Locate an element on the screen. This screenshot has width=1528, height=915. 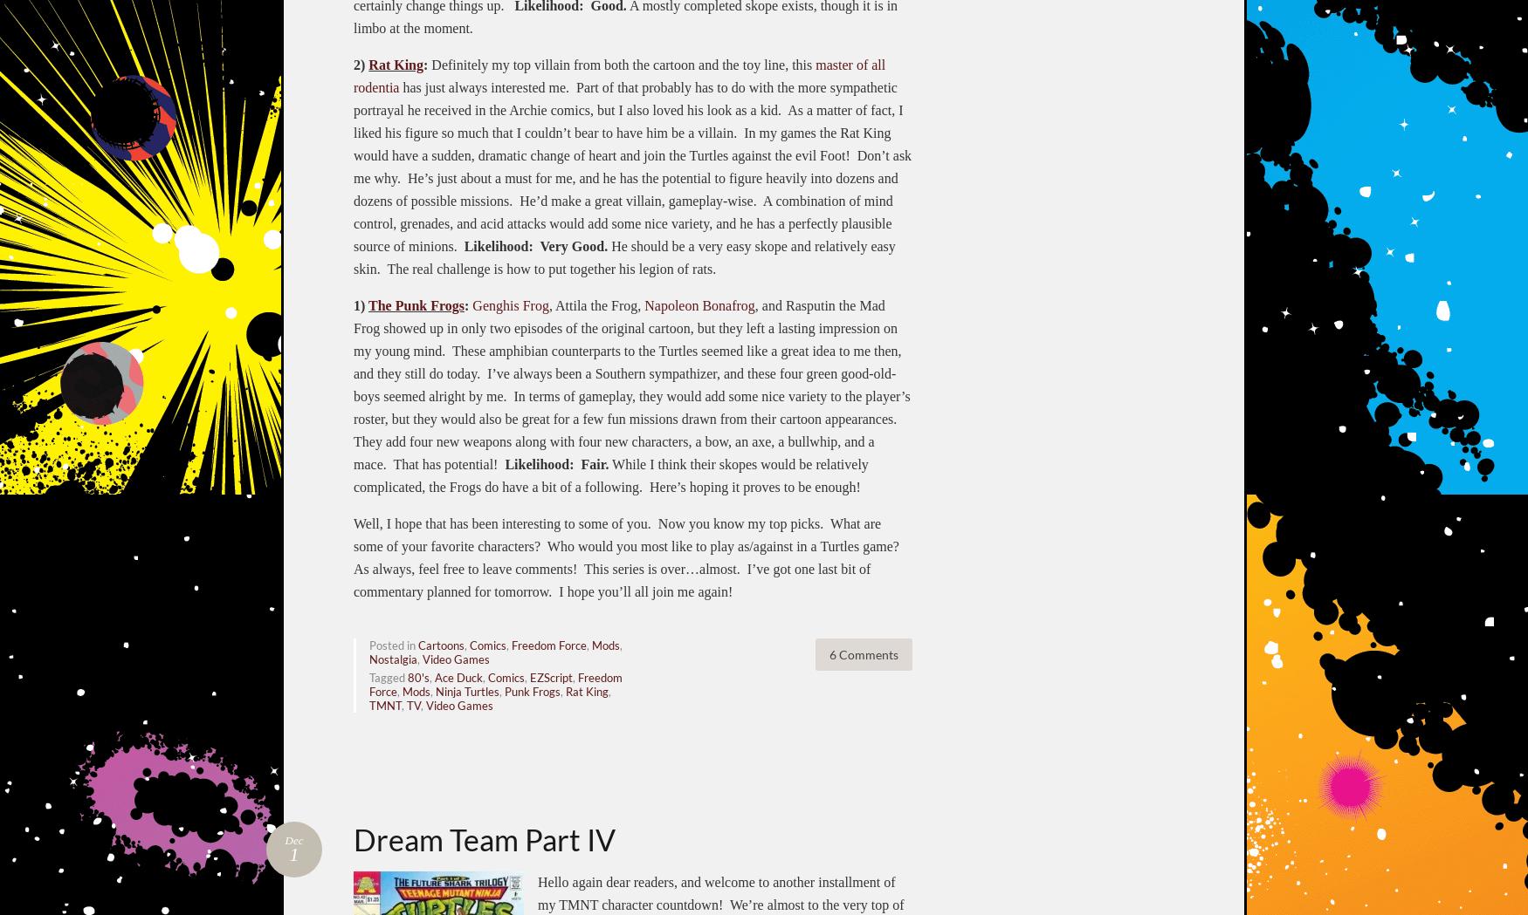
'80's' is located at coordinates (418, 677).